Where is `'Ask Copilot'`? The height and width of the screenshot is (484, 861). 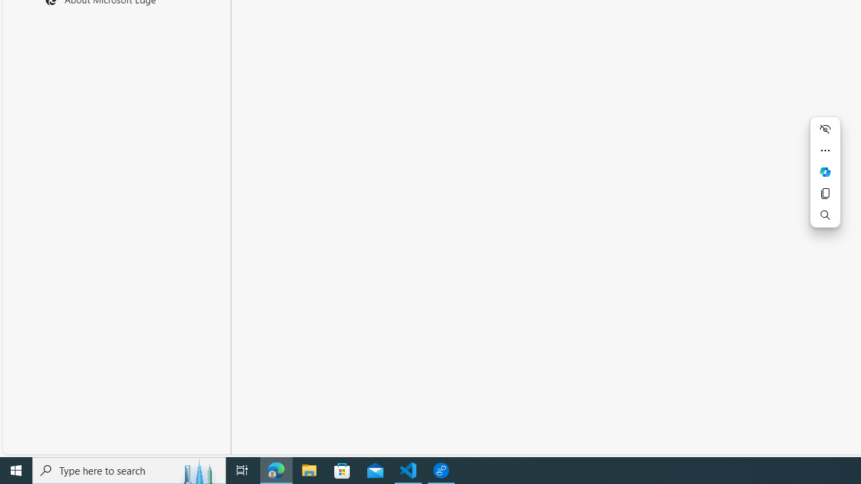 'Ask Copilot' is located at coordinates (824, 171).